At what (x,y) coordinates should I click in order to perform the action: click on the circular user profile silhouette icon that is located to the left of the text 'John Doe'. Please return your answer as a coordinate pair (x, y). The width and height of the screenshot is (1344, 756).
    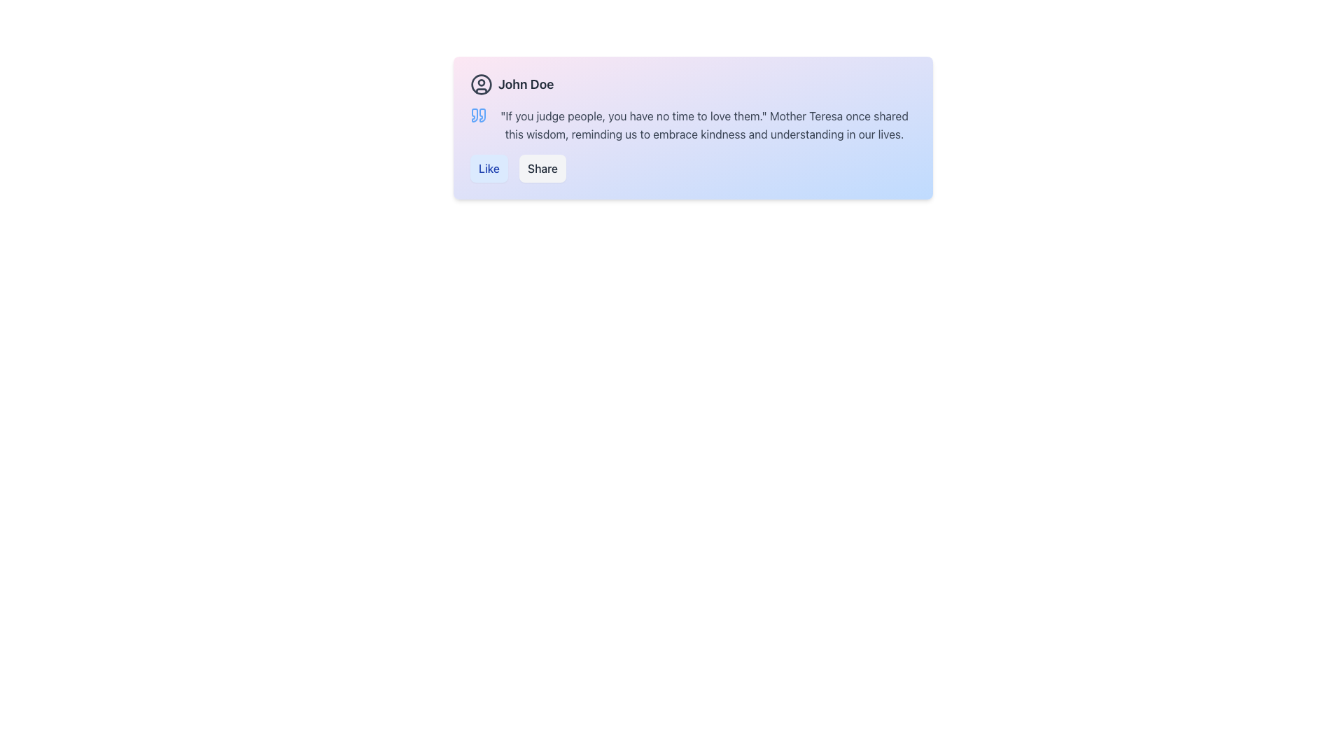
    Looking at the image, I should click on (481, 84).